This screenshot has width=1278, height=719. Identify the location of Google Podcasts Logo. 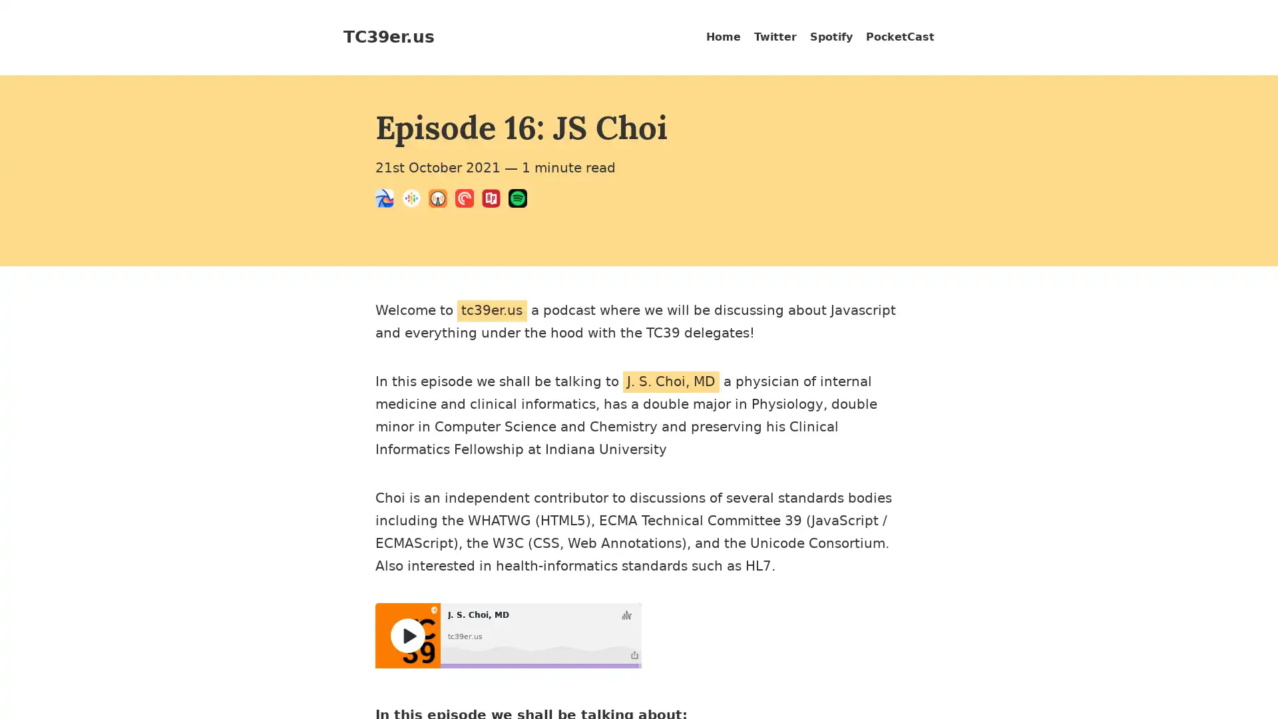
(415, 200).